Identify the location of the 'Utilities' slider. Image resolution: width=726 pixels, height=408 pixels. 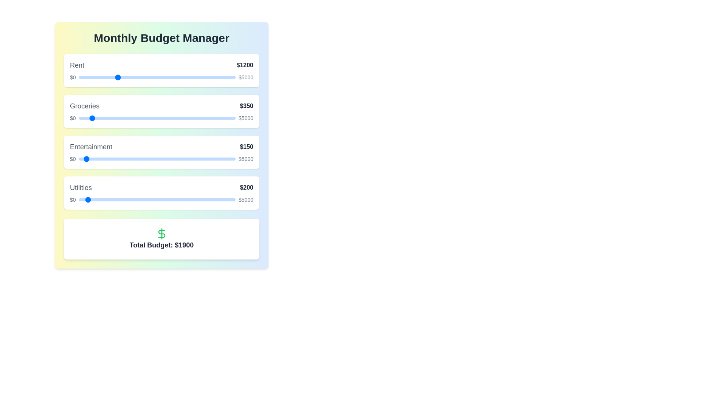
(201, 199).